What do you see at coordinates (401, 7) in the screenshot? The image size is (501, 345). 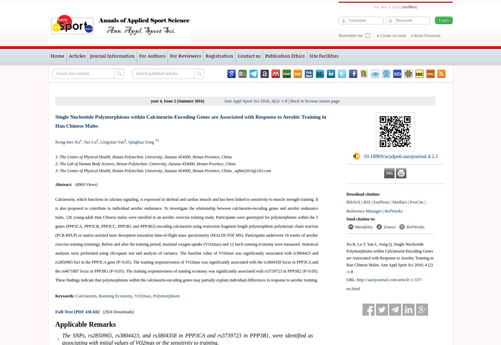 I see `'['` at bounding box center [401, 7].